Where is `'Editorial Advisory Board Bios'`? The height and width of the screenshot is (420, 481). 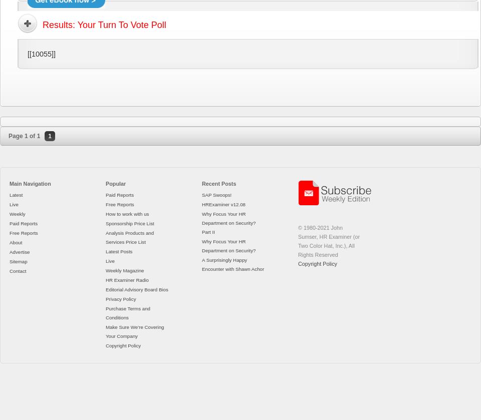
'Editorial Advisory Board Bios' is located at coordinates (106, 289).